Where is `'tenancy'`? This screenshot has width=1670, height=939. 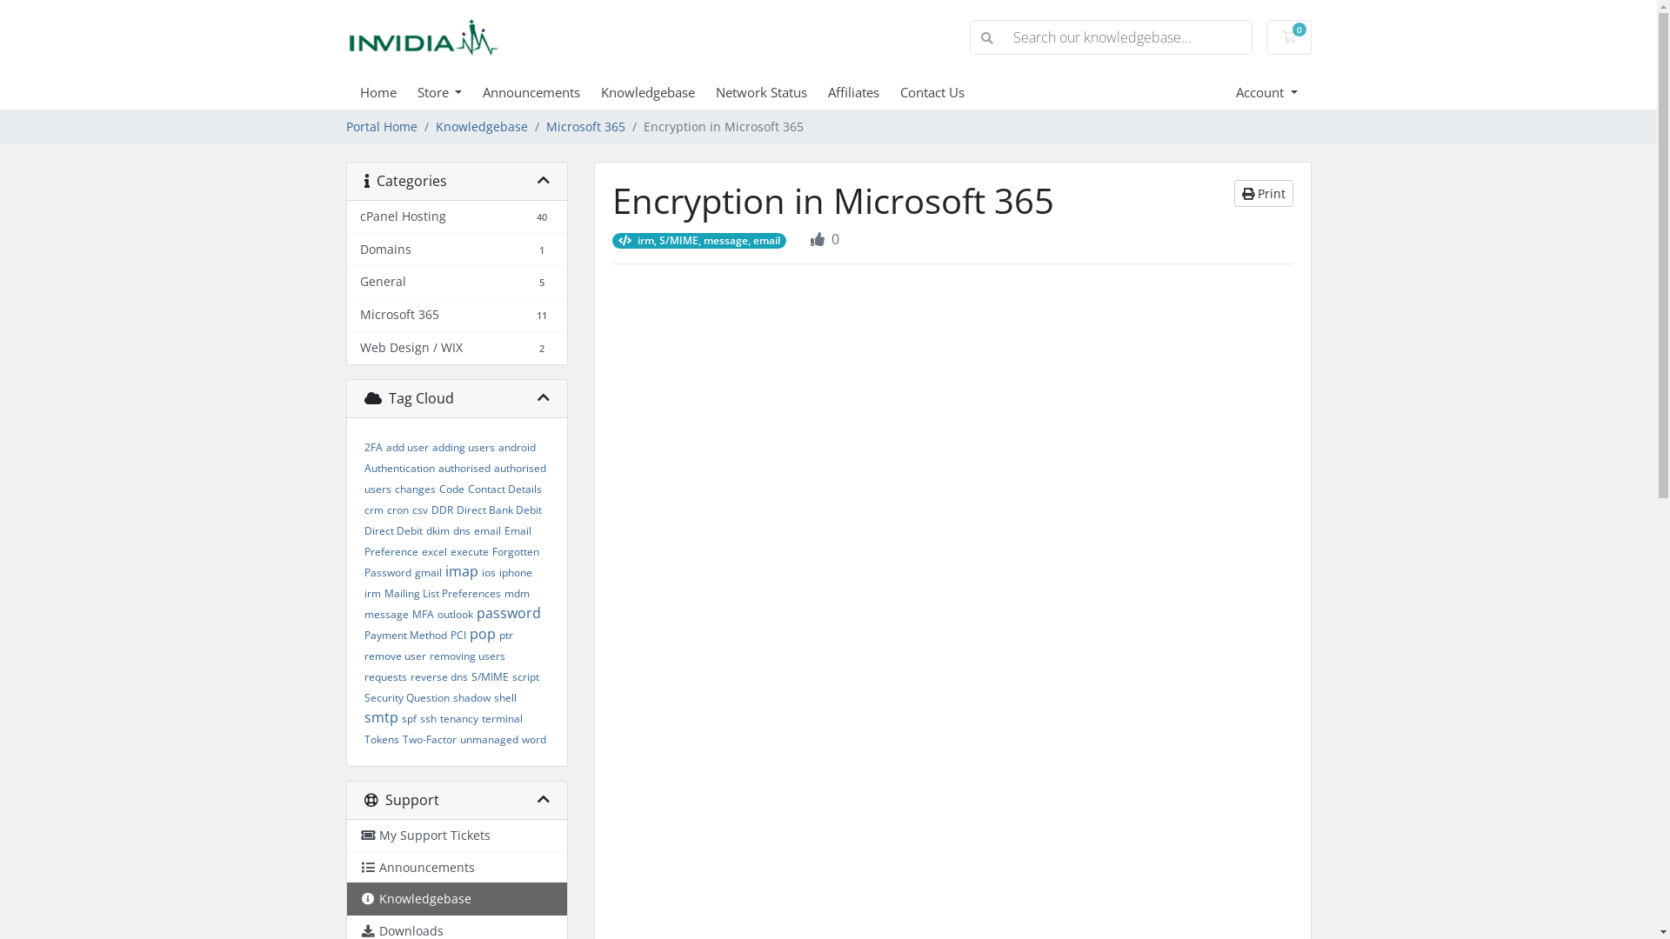 'tenancy' is located at coordinates (459, 718).